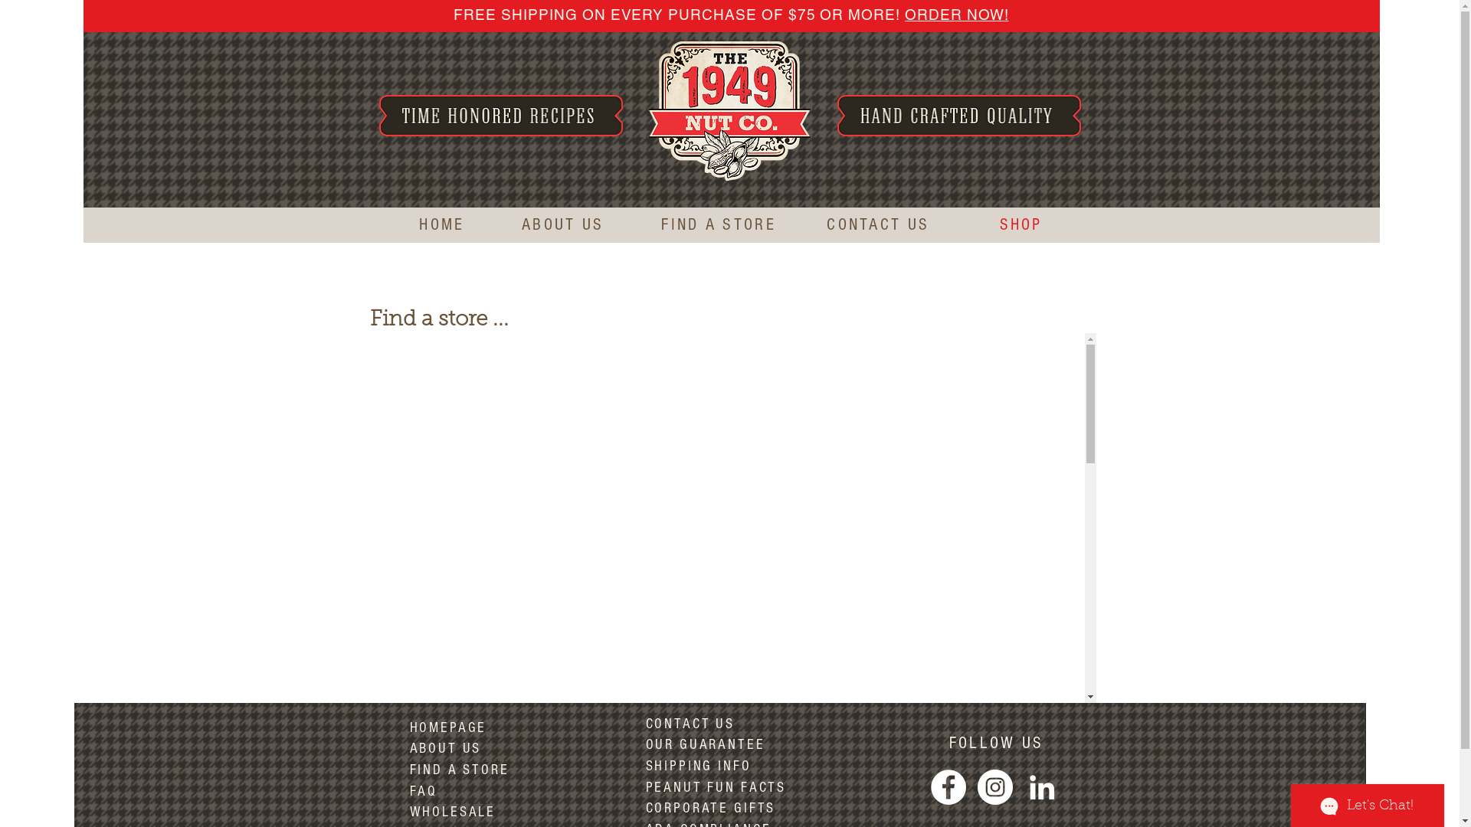 This screenshot has width=1471, height=827. Describe the element at coordinates (717, 224) in the screenshot. I see `'FIND A STORE'` at that location.